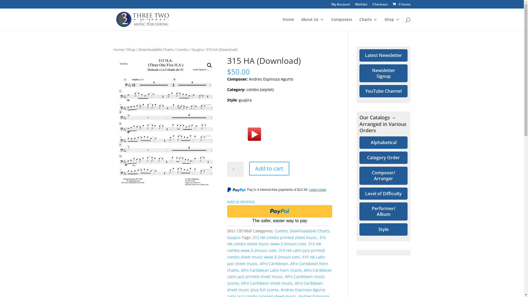 The height and width of the screenshot is (297, 528). Describe the element at coordinates (340, 5) in the screenshot. I see `'My Account'` at that location.